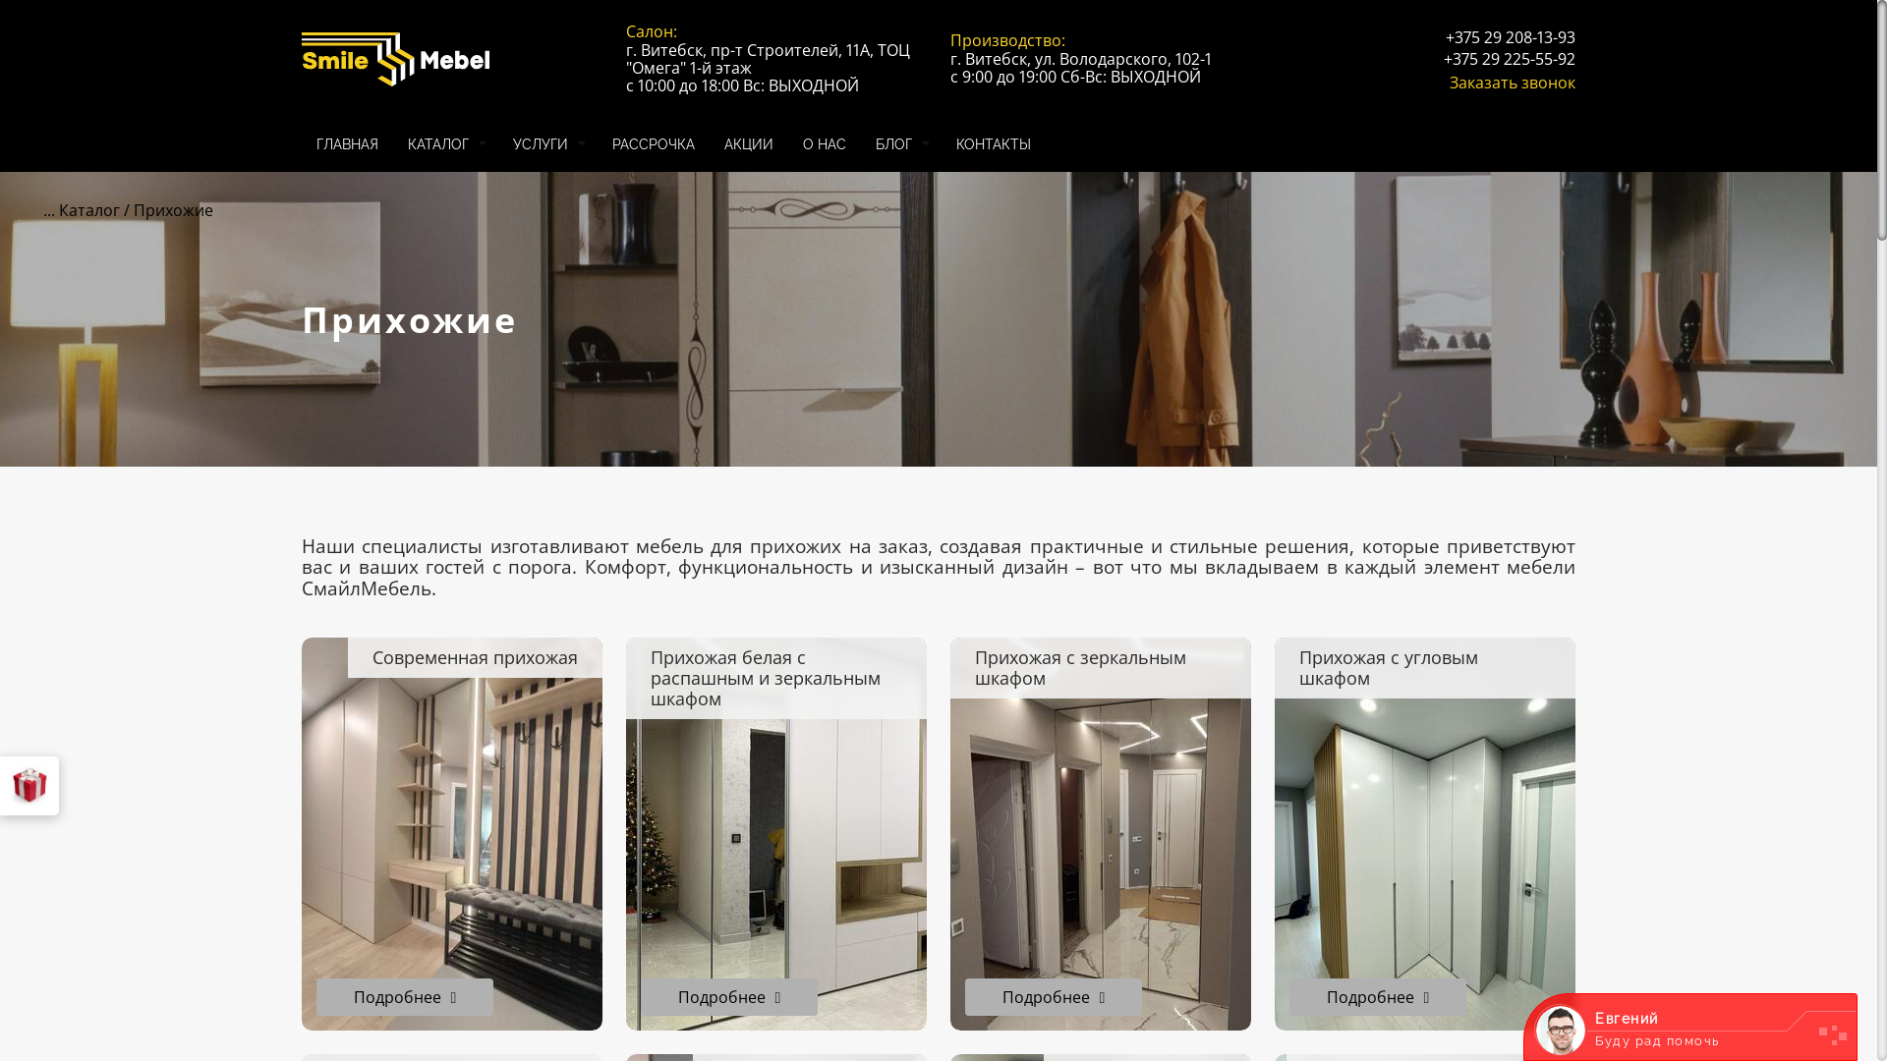  I want to click on '+375 29 225-55-92', so click(1509, 58).